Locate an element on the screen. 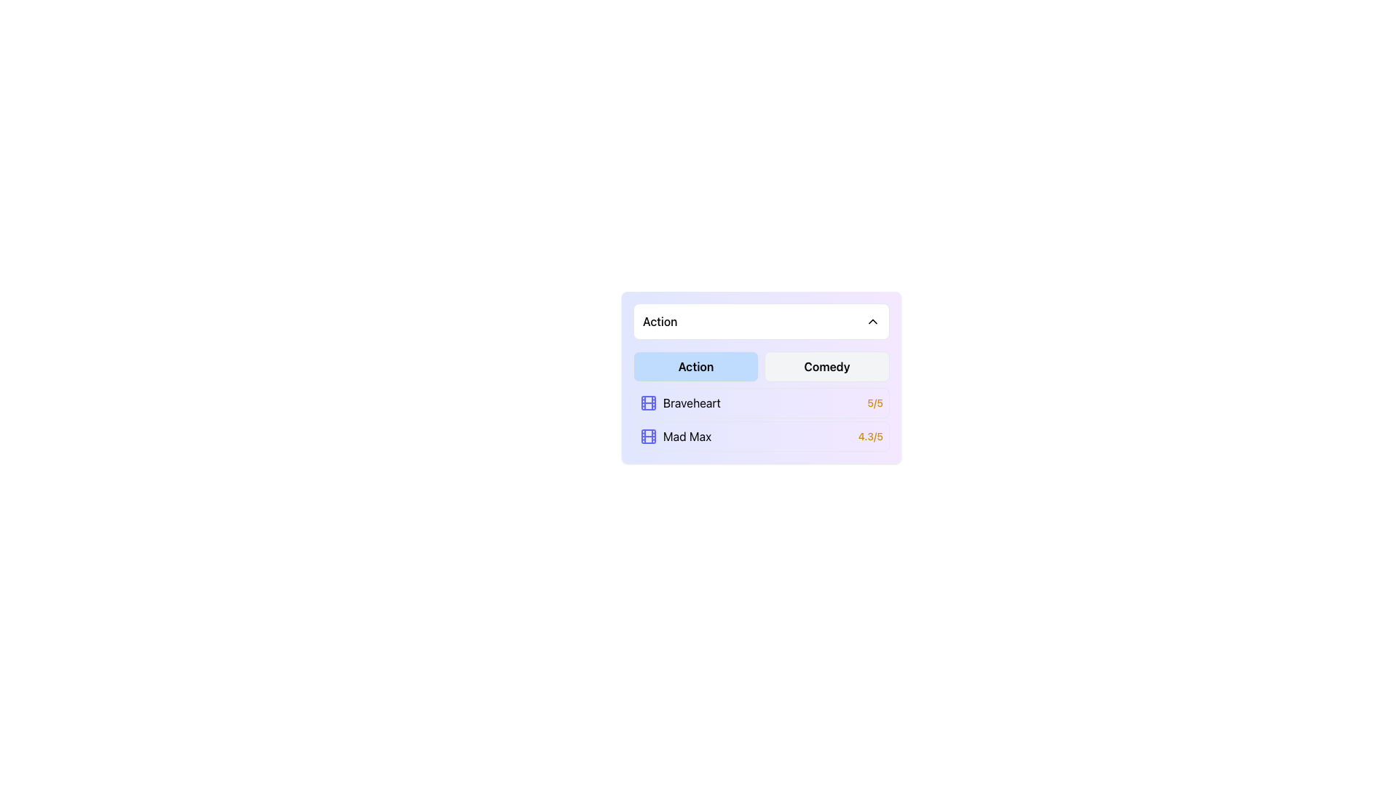  the category selector button for 'Action' items located in the top-left corner of the grid layout, adjacent to the 'Comedy' button is located at coordinates (695, 366).